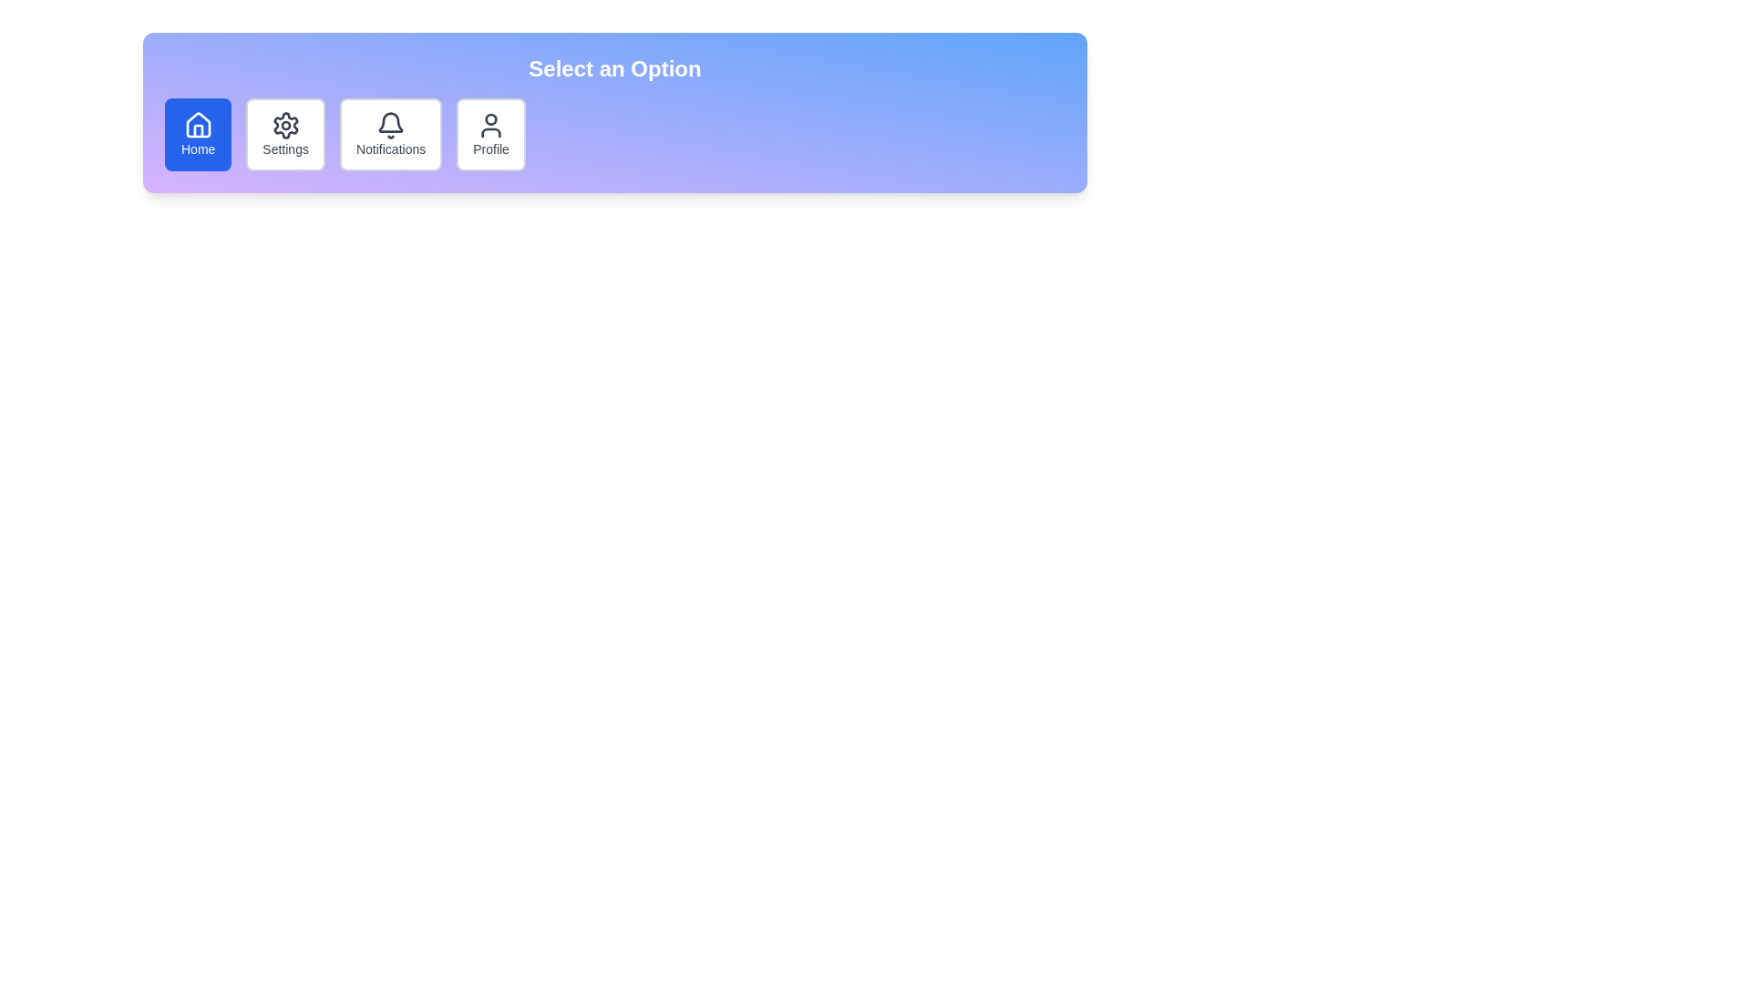 The height and width of the screenshot is (984, 1750). I want to click on the 'Settings' text label, which is styled with a sans-serif font and located below the gear icon in the navigation bar, so click(284, 149).